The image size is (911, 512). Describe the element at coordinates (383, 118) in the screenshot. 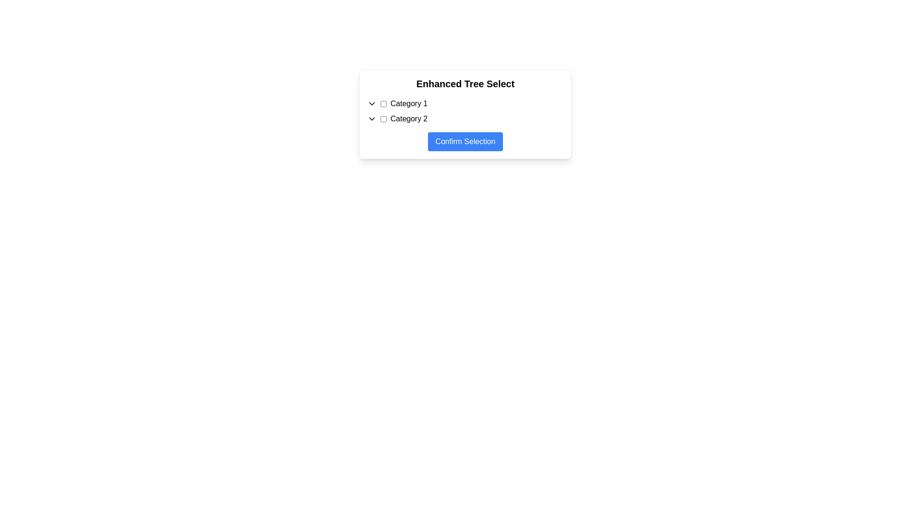

I see `the checkbox located` at that location.